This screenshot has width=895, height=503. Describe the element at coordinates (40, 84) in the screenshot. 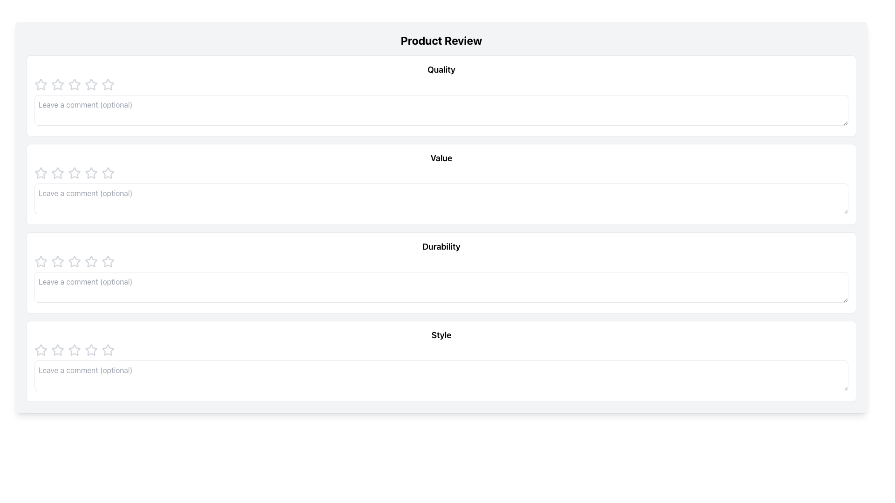

I see `the first star icon in the rating sequence below the 'Quality' heading` at that location.